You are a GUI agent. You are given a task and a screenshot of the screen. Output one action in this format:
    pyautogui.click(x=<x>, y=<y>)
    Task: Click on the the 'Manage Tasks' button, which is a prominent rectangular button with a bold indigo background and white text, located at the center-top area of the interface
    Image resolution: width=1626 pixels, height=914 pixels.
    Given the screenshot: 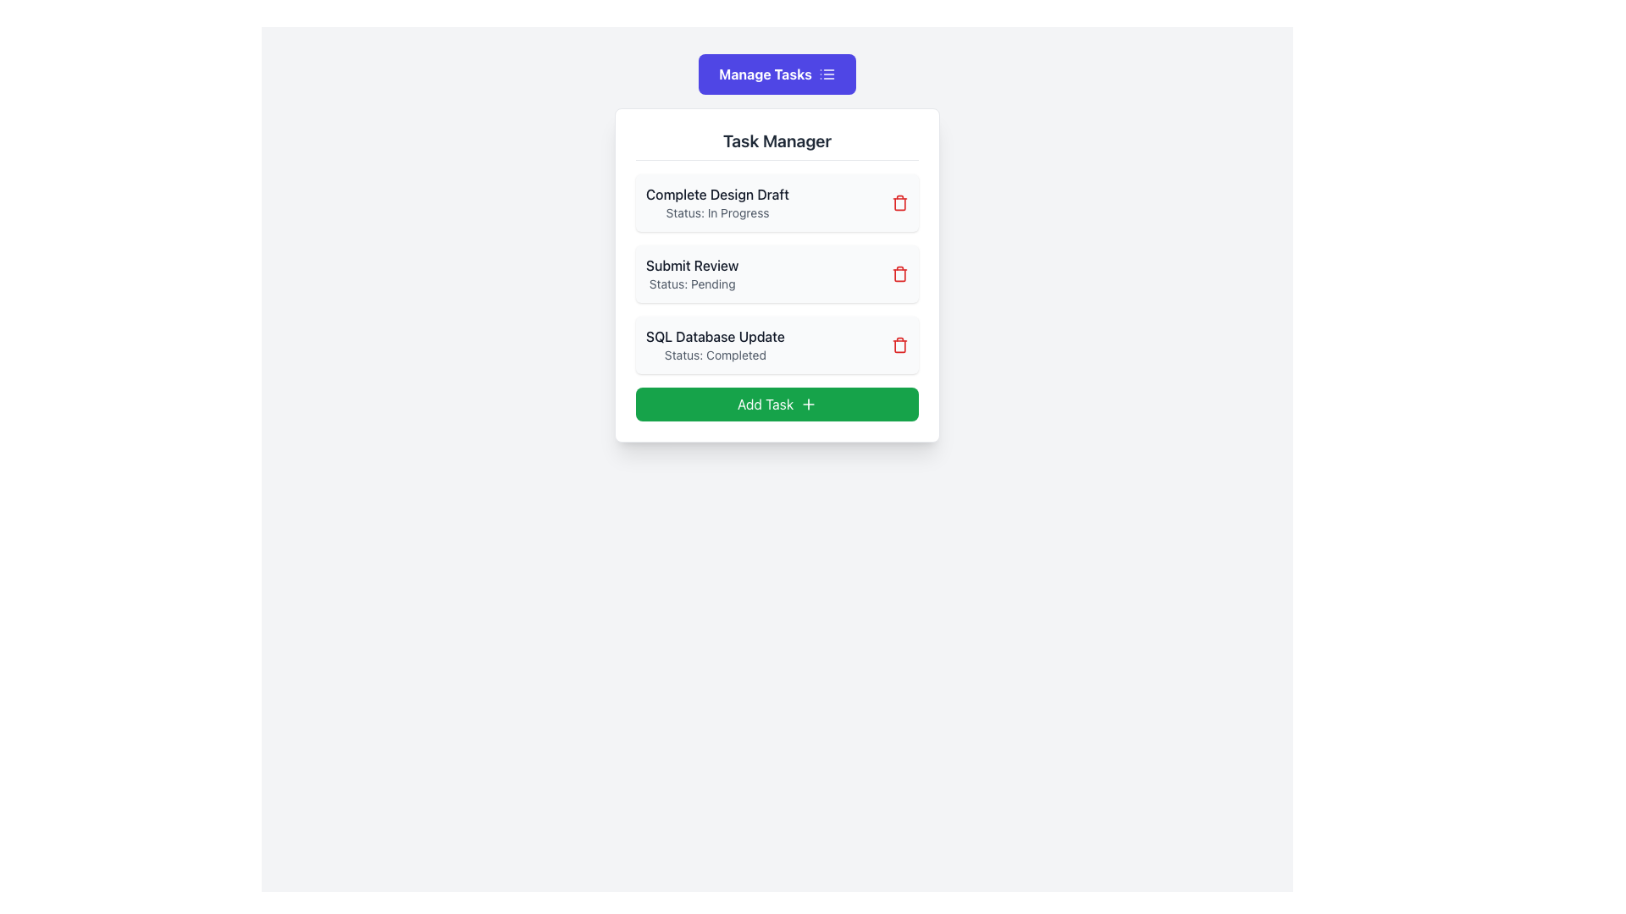 What is the action you would take?
    pyautogui.click(x=776, y=74)
    